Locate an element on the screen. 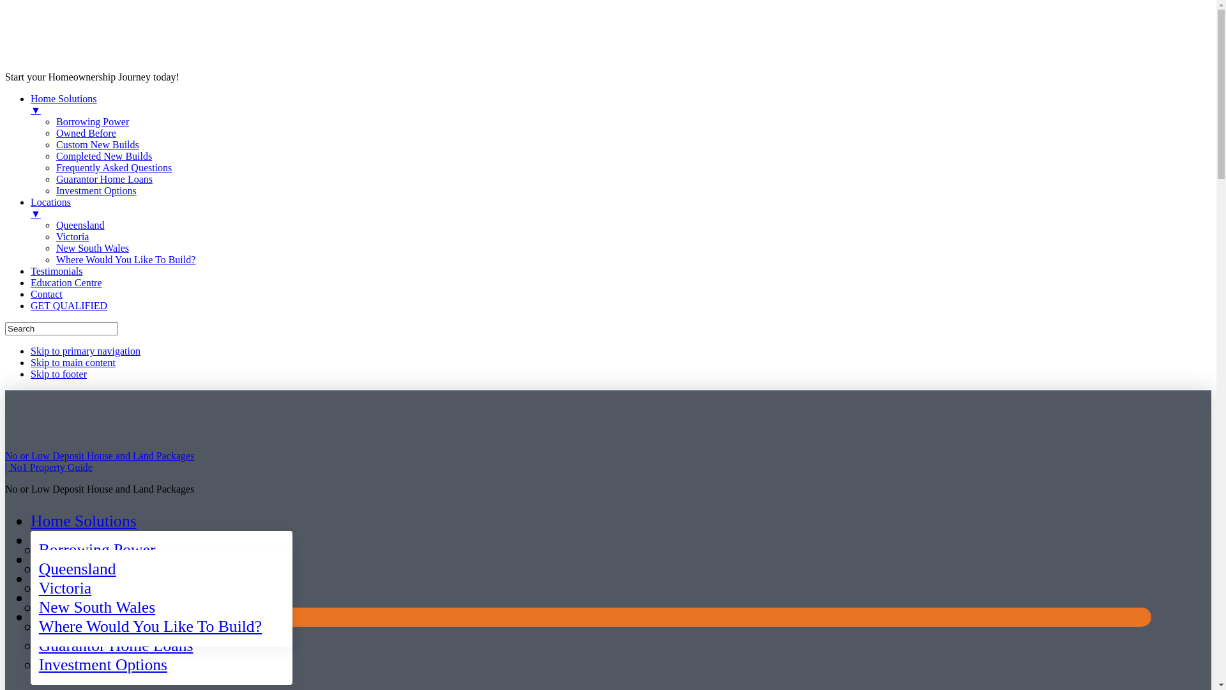 The width and height of the screenshot is (1226, 690). 'Frequently Asked Questions' is located at coordinates (114, 167).